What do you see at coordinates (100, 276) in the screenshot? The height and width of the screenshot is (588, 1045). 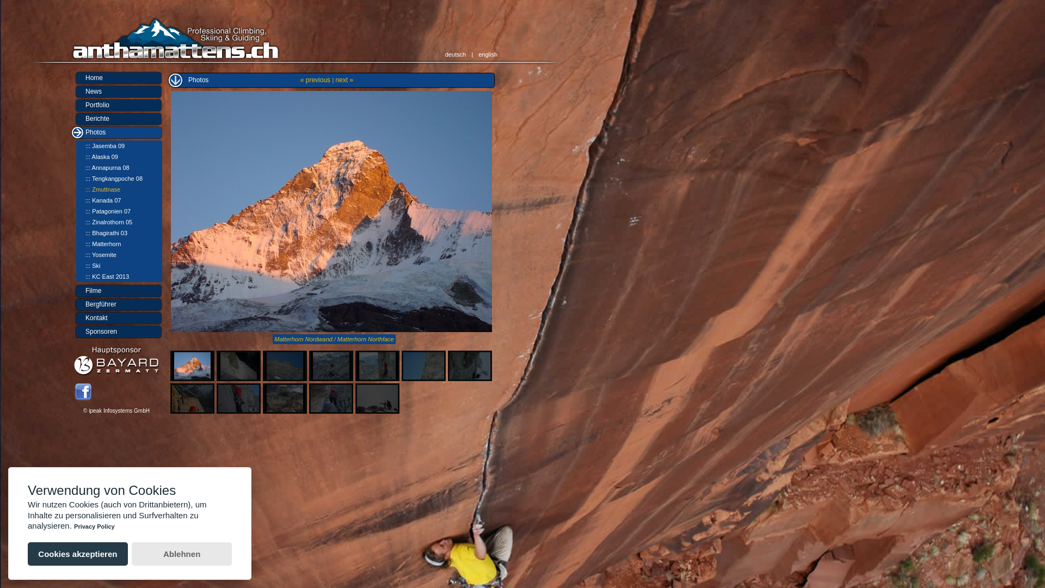 I see `'::: KC East 2013'` at bounding box center [100, 276].